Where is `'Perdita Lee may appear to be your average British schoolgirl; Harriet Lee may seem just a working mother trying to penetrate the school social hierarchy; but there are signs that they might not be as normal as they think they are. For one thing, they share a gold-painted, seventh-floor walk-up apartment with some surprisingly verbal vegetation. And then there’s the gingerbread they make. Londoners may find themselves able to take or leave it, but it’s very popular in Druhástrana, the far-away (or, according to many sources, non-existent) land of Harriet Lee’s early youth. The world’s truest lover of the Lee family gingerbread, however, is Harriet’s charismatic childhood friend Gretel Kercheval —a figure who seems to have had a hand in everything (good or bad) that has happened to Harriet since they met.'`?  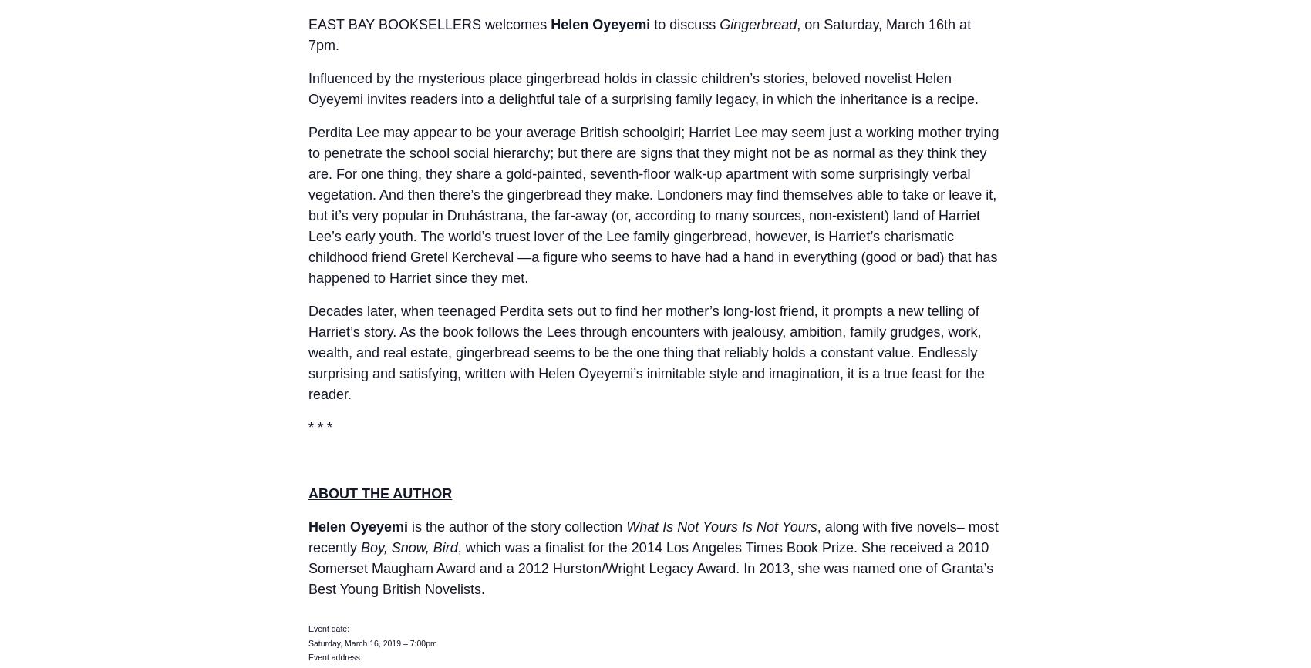
'Perdita Lee may appear to be your average British schoolgirl; Harriet Lee may seem just a working mother trying to penetrate the school social hierarchy; but there are signs that they might not be as normal as they think they are. For one thing, they share a gold-painted, seventh-floor walk-up apartment with some surprisingly verbal vegetation. And then there’s the gingerbread they make. Londoners may find themselves able to take or leave it, but it’s very popular in Druhástrana, the far-away (or, according to many sources, non-existent) land of Harriet Lee’s early youth. The world’s truest lover of the Lee family gingerbread, however, is Harriet’s charismatic childhood friend Gretel Kercheval —a figure who seems to have had a hand in everything (good or bad) that has happened to Harriet since they met.' is located at coordinates (652, 205).